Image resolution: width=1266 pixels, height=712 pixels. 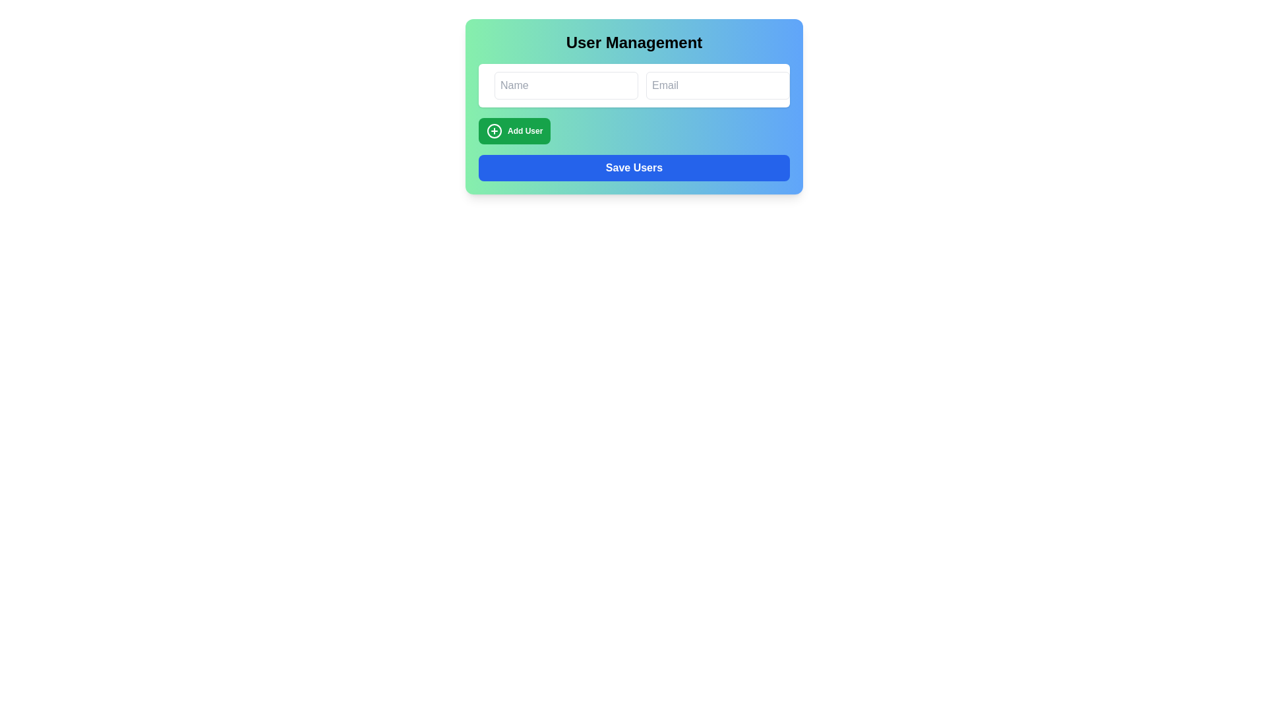 I want to click on the email input field which is located in the second column of the user form, adjacent to the 'Name' field, so click(x=717, y=86).